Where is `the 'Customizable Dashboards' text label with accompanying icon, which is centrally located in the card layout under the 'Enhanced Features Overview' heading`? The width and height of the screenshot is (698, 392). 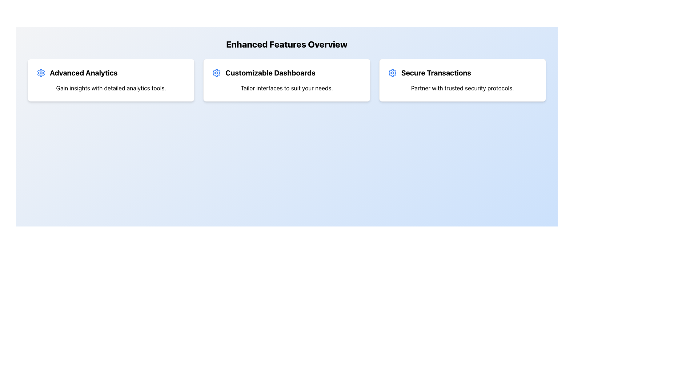
the 'Customizable Dashboards' text label with accompanying icon, which is centrally located in the card layout under the 'Enhanced Features Overview' heading is located at coordinates (286, 73).